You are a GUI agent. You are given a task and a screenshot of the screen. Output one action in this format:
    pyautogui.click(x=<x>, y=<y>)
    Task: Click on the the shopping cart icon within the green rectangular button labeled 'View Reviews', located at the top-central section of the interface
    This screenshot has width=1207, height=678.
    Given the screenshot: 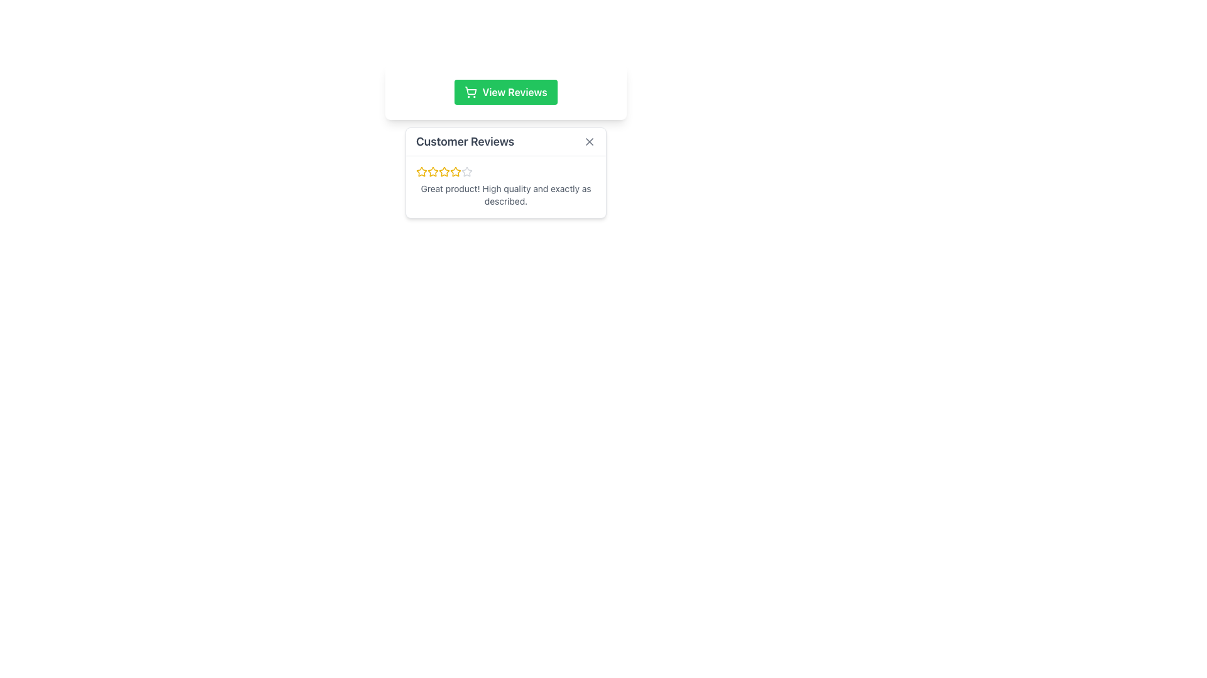 What is the action you would take?
    pyautogui.click(x=470, y=90)
    